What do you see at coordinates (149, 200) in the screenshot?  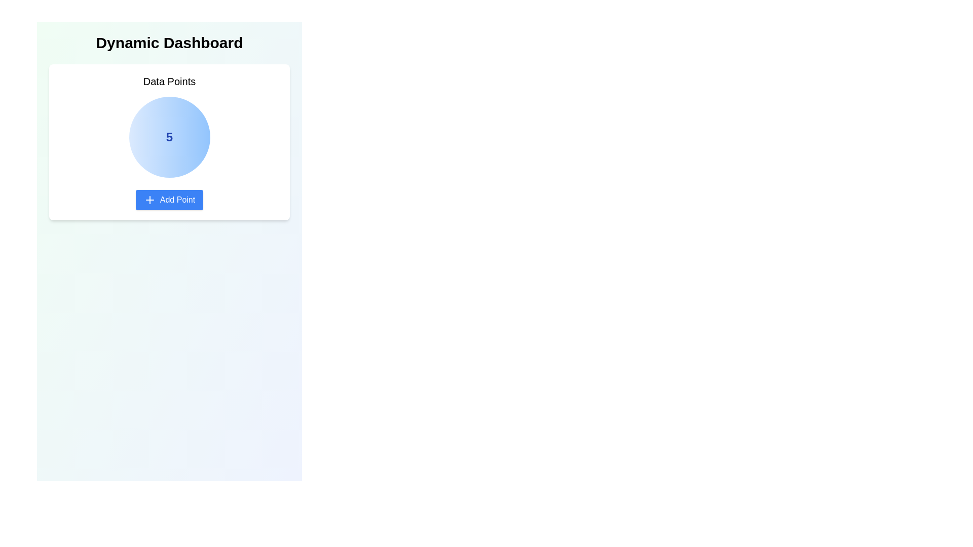 I see `the graphical representation of the small circular '+' icon located within the blue 'Add Point' button at the center of the card titled 'Data Points'` at bounding box center [149, 200].